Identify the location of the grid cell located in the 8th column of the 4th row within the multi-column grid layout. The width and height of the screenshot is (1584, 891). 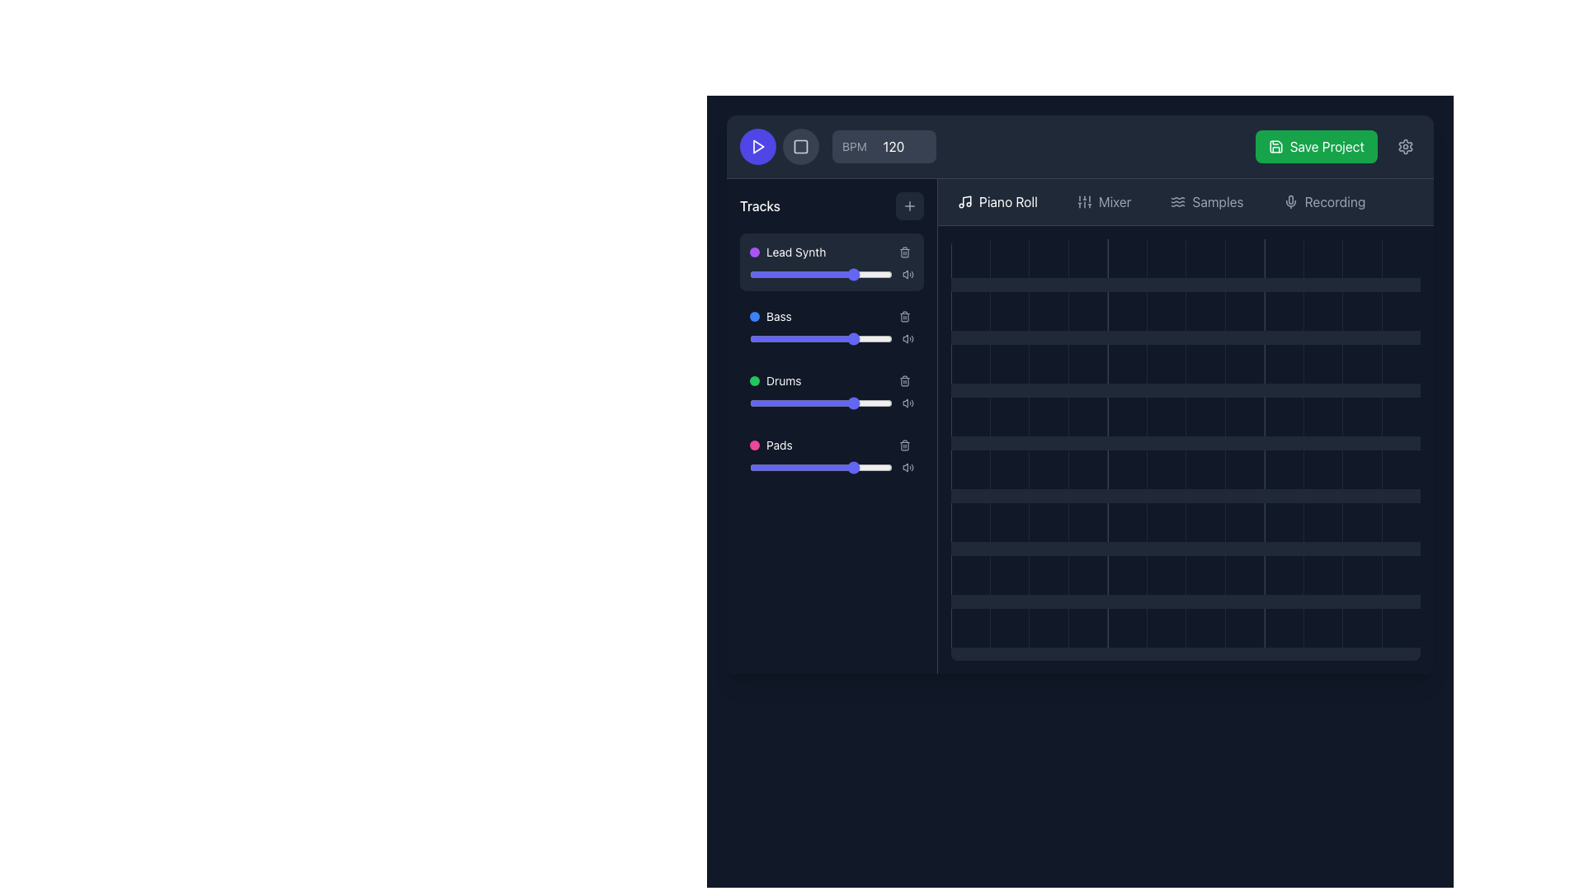
(1244, 522).